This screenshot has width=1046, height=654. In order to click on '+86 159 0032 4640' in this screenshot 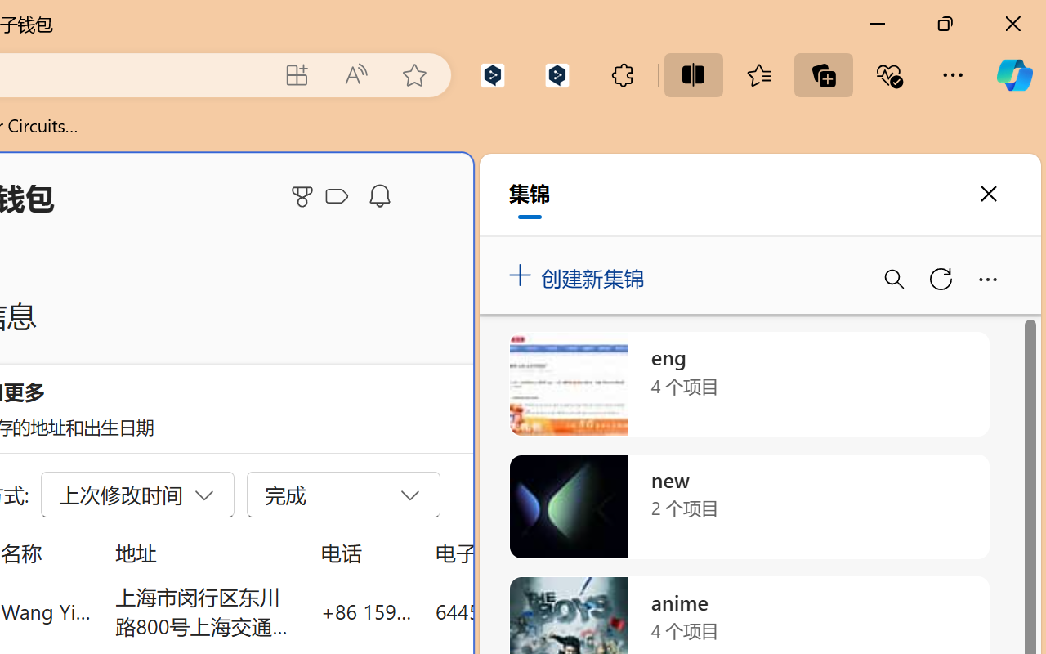, I will do `click(365, 611)`.